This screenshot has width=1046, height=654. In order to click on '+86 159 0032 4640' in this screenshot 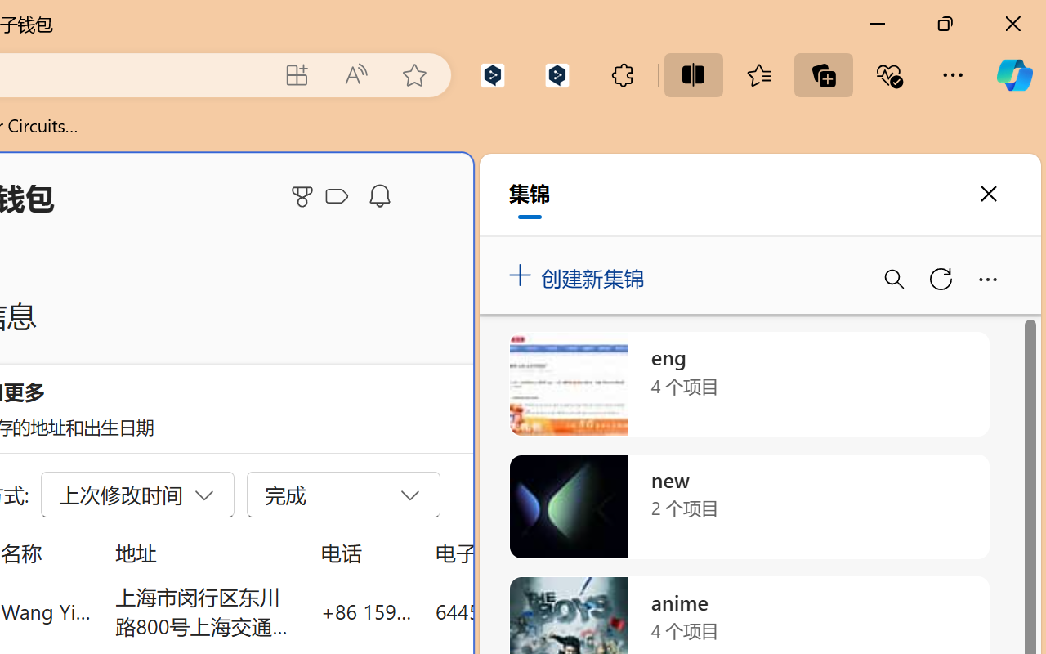, I will do `click(365, 611)`.